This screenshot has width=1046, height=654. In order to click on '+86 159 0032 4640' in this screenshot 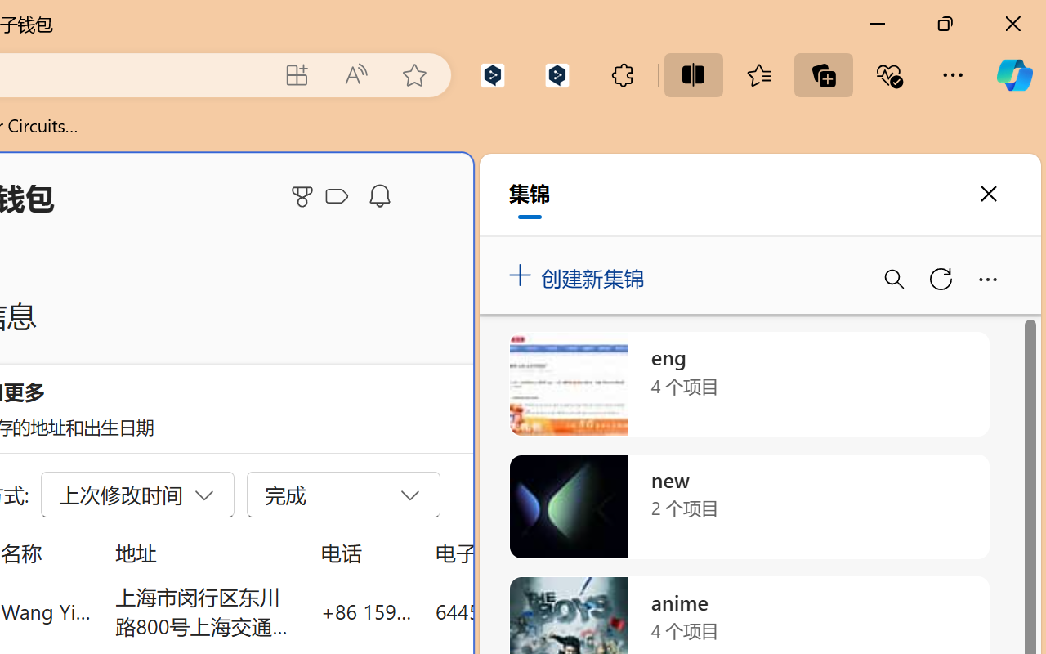, I will do `click(365, 611)`.